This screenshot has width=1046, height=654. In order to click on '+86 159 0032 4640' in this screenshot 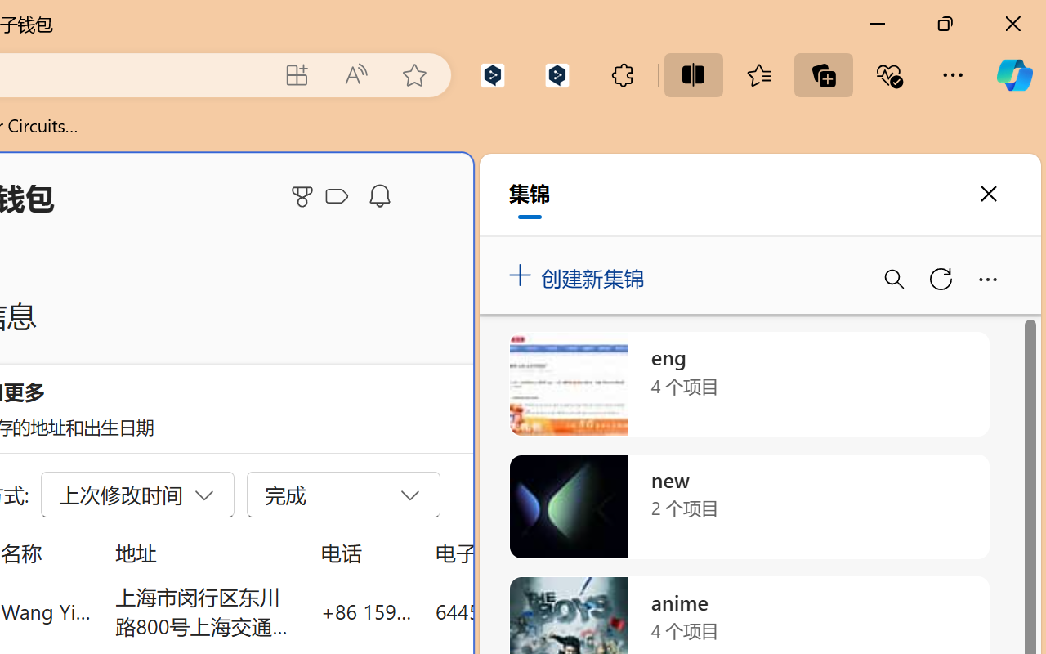, I will do `click(365, 611)`.